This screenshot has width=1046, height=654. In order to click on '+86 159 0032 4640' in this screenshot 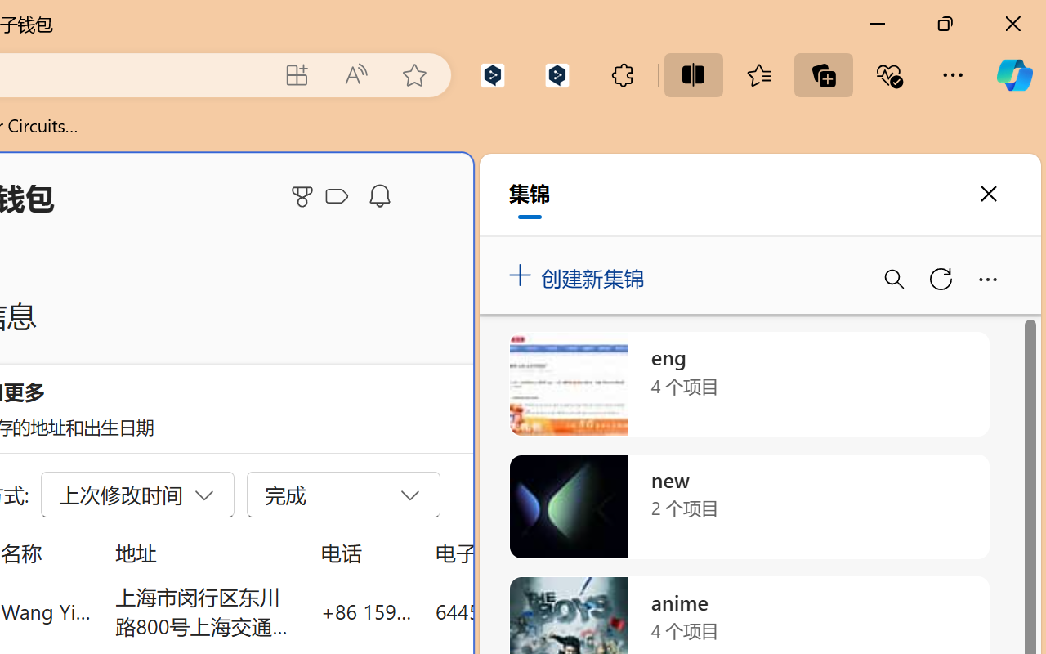, I will do `click(365, 611)`.